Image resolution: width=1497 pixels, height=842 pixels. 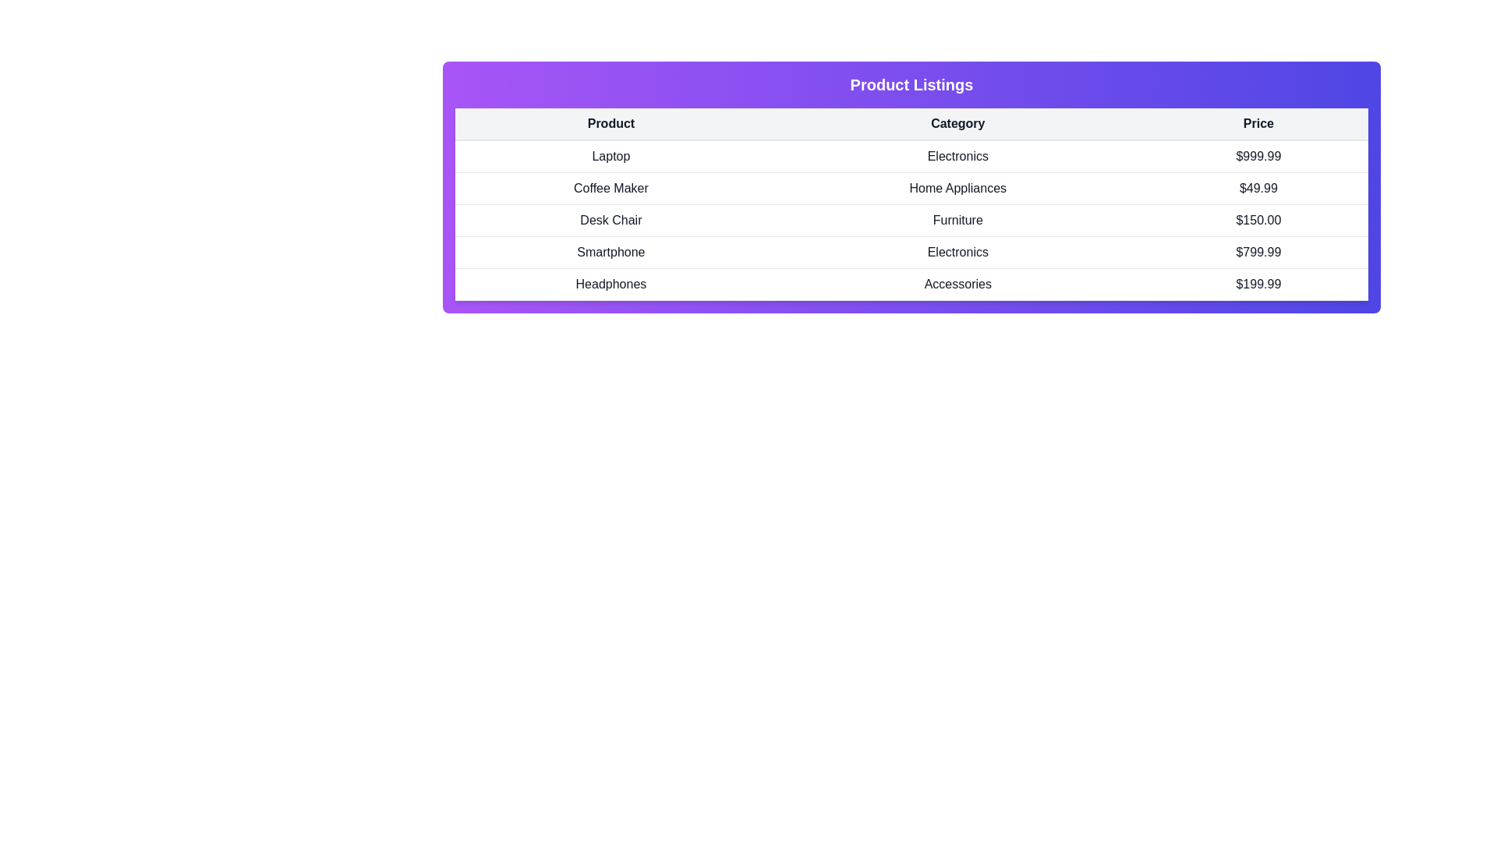 I want to click on the product name text label in the third row of the table, which is positioned in the 'Product' column and aligned with 'Furniture' in the 'Category' column and '$150.00' in the 'Price' column, so click(x=610, y=220).